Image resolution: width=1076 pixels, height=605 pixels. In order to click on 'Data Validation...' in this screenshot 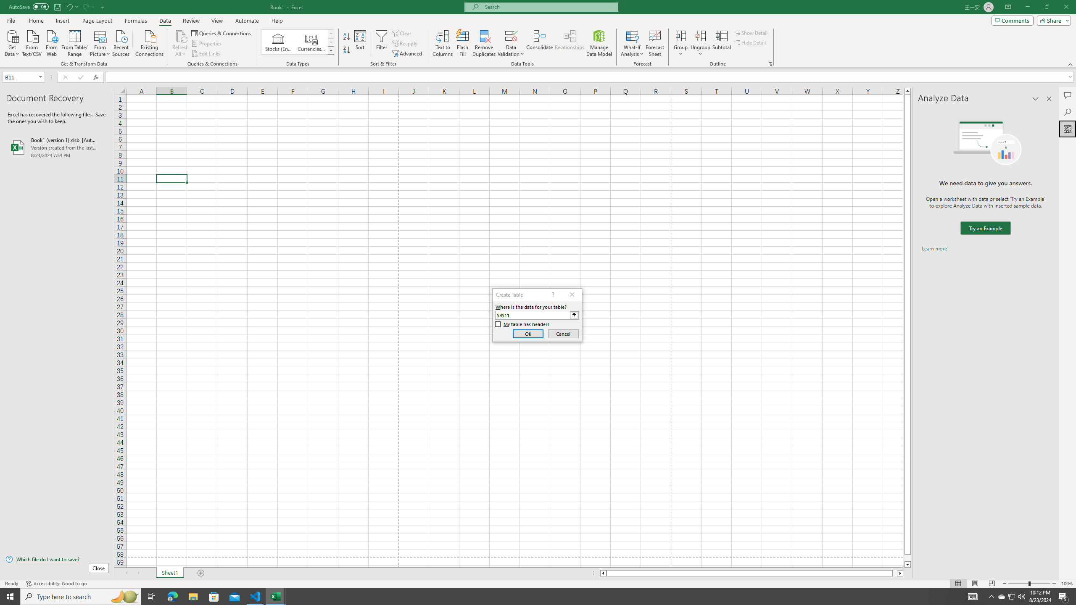, I will do `click(511, 43)`.